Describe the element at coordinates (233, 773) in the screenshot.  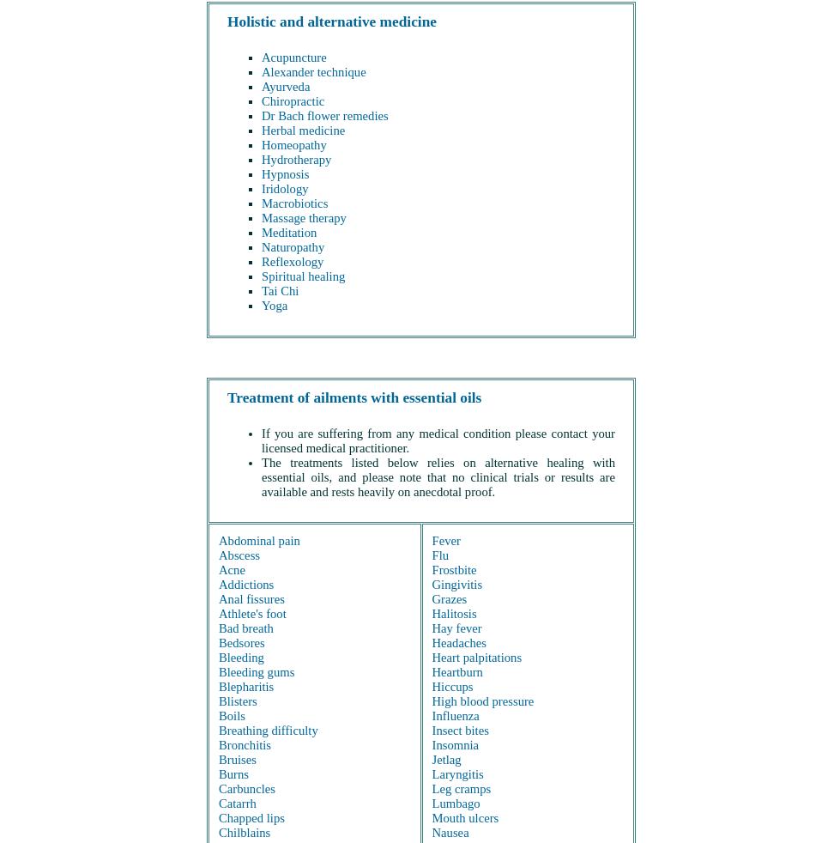
I see `'Burns'` at that location.